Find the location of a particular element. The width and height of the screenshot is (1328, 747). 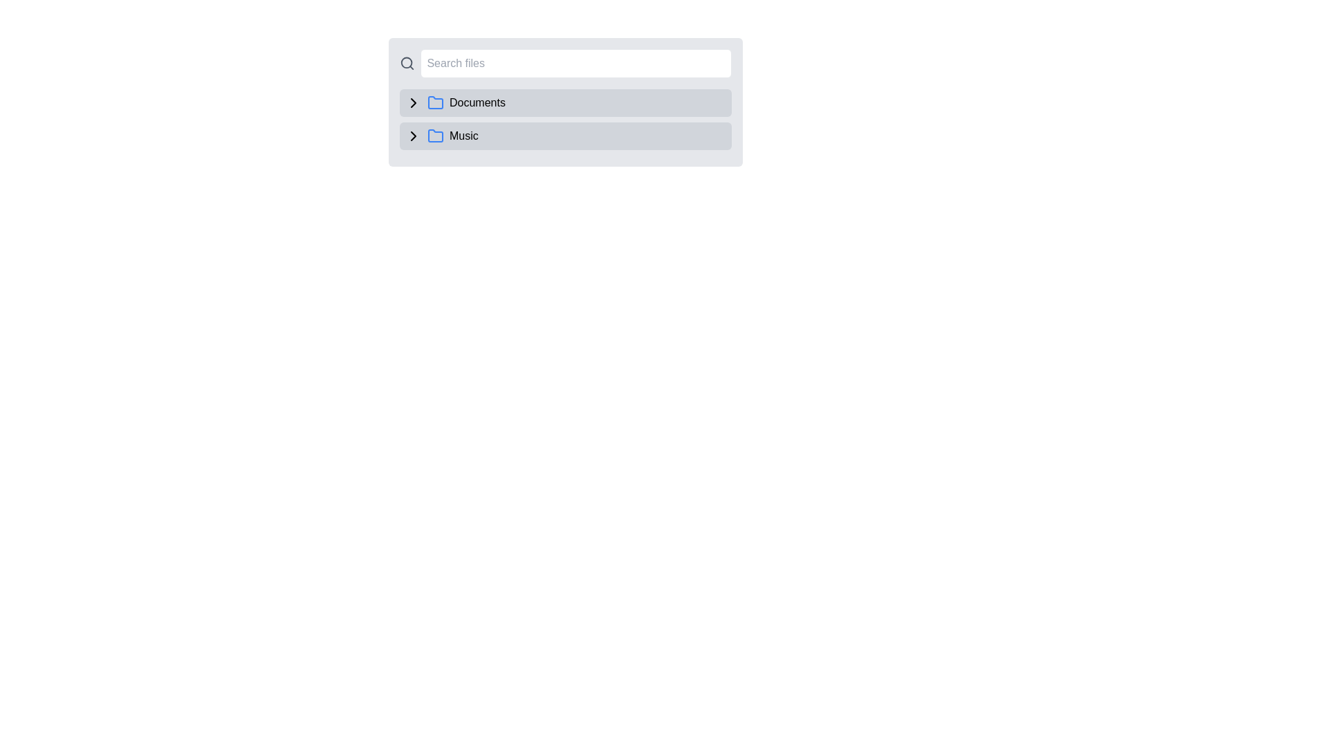

the search icon located at the top of the file browser panel, positioned to the left of the search input field is located at coordinates (407, 64).